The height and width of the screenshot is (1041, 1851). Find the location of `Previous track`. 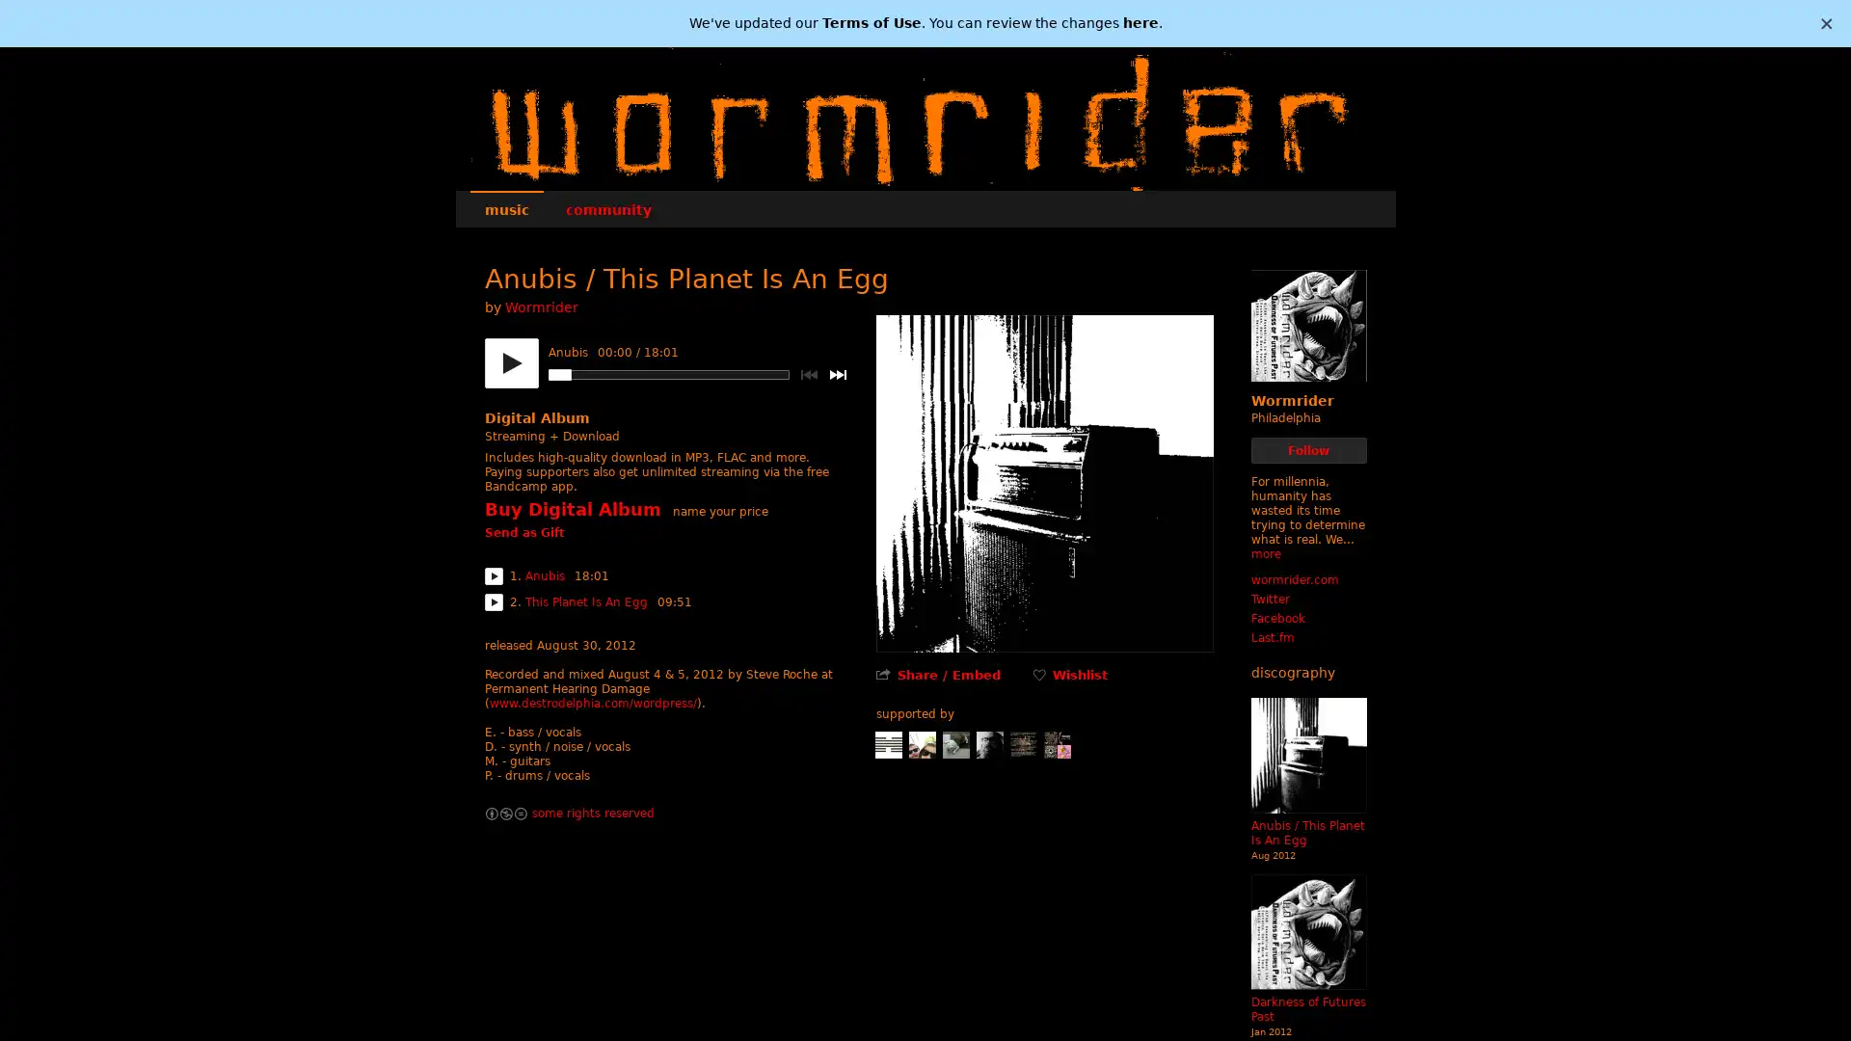

Previous track is located at coordinates (808, 375).